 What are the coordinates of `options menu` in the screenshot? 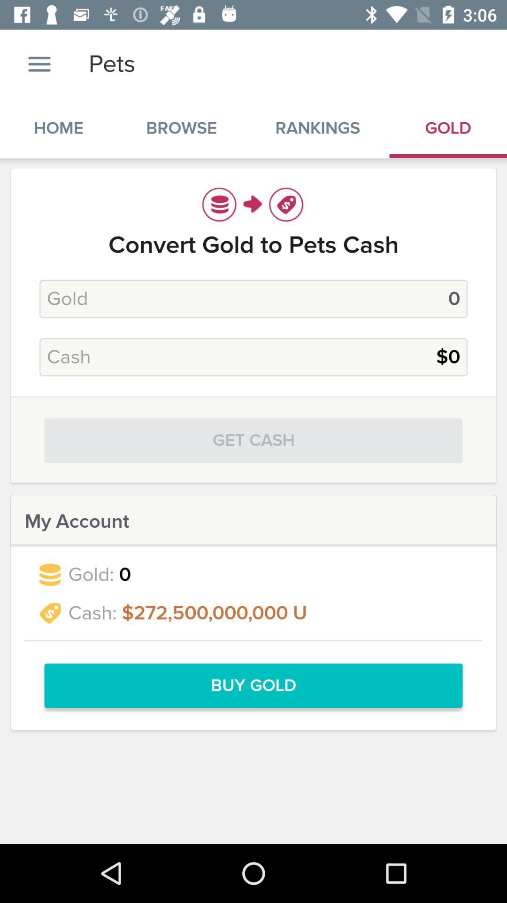 It's located at (39, 63).